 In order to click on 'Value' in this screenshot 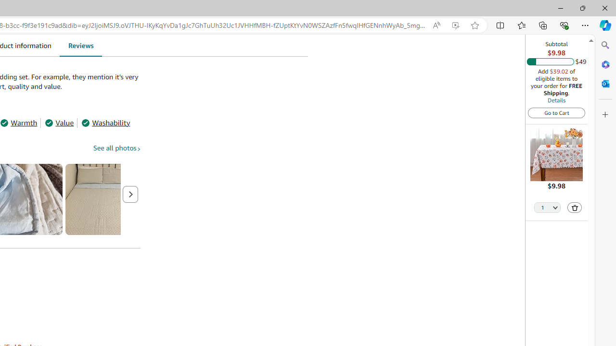, I will do `click(59, 122)`.